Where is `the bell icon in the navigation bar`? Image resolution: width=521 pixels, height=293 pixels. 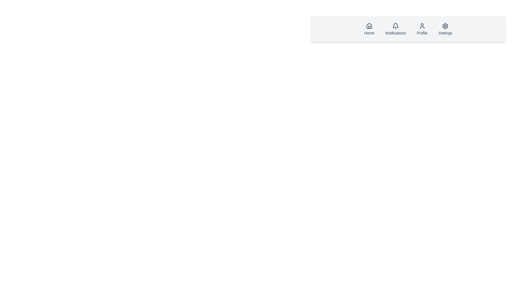 the bell icon in the navigation bar is located at coordinates (396, 26).